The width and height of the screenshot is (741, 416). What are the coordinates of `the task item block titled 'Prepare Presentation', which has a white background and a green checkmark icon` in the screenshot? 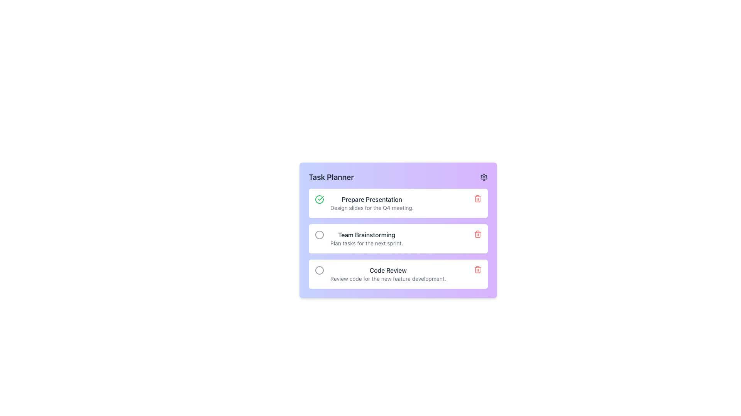 It's located at (398, 203).